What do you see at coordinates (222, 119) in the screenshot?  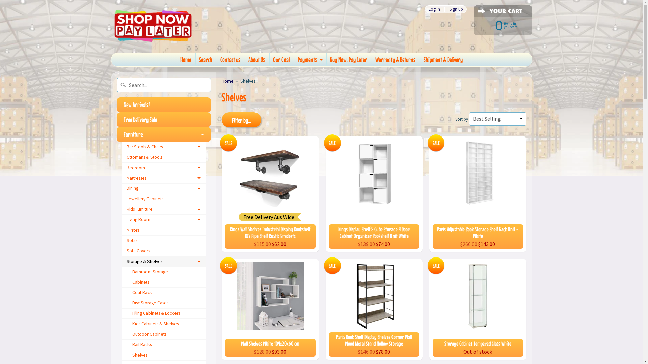 I see `'Filter by...'` at bounding box center [222, 119].